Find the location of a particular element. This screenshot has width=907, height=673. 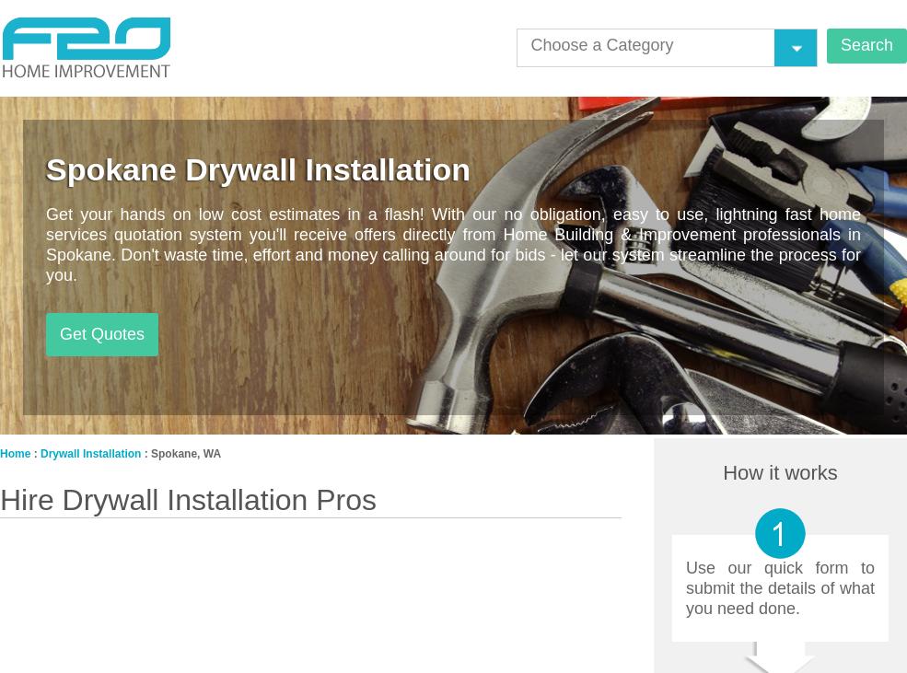

'Choose a Category' is located at coordinates (600, 43).